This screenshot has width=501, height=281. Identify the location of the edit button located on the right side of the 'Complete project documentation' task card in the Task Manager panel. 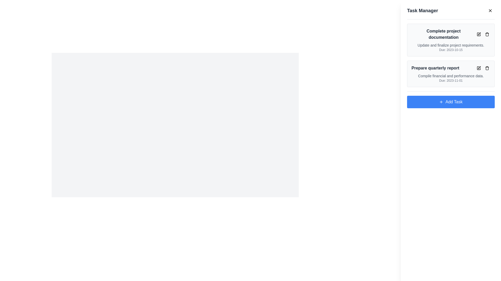
(479, 34).